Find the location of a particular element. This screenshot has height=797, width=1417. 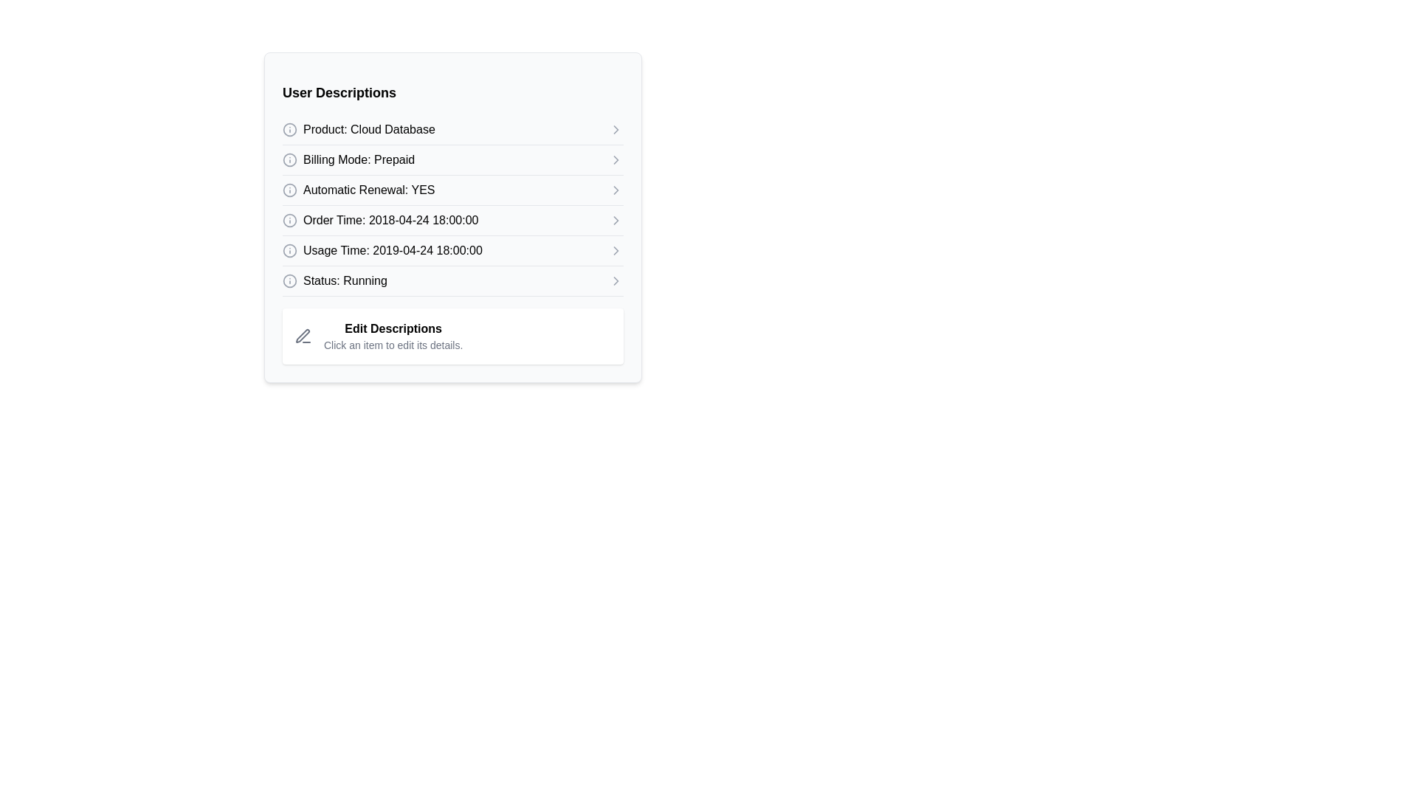

the static text located directly below the header 'Edit Descriptions' in the lower section of the information panel is located at coordinates (393, 345).